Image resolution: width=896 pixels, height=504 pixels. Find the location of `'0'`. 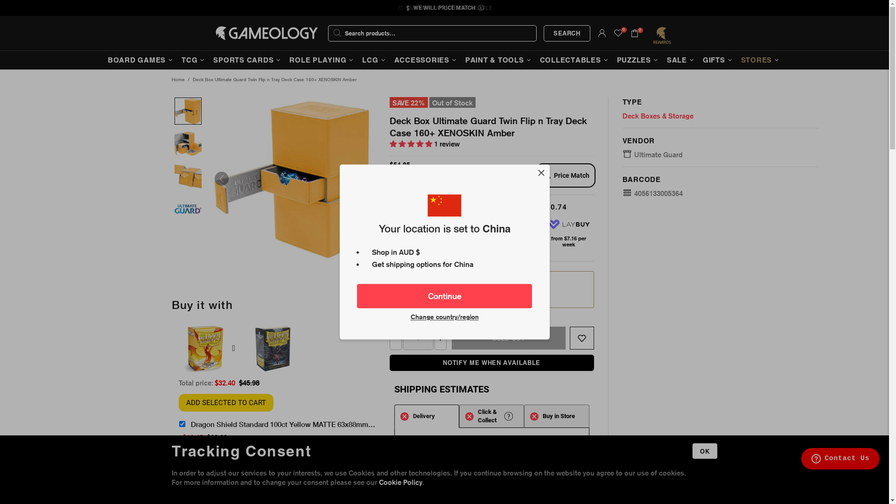

'0' is located at coordinates (618, 32).